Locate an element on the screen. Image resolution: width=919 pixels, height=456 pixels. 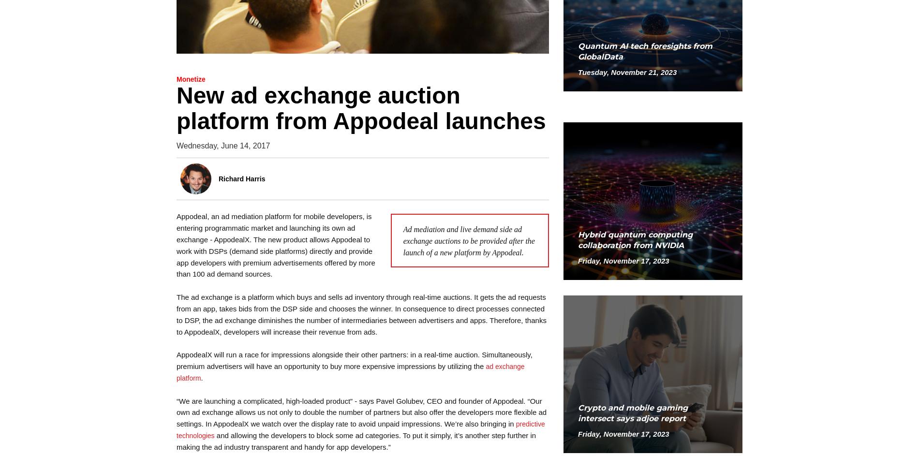
'.' is located at coordinates (202, 377).